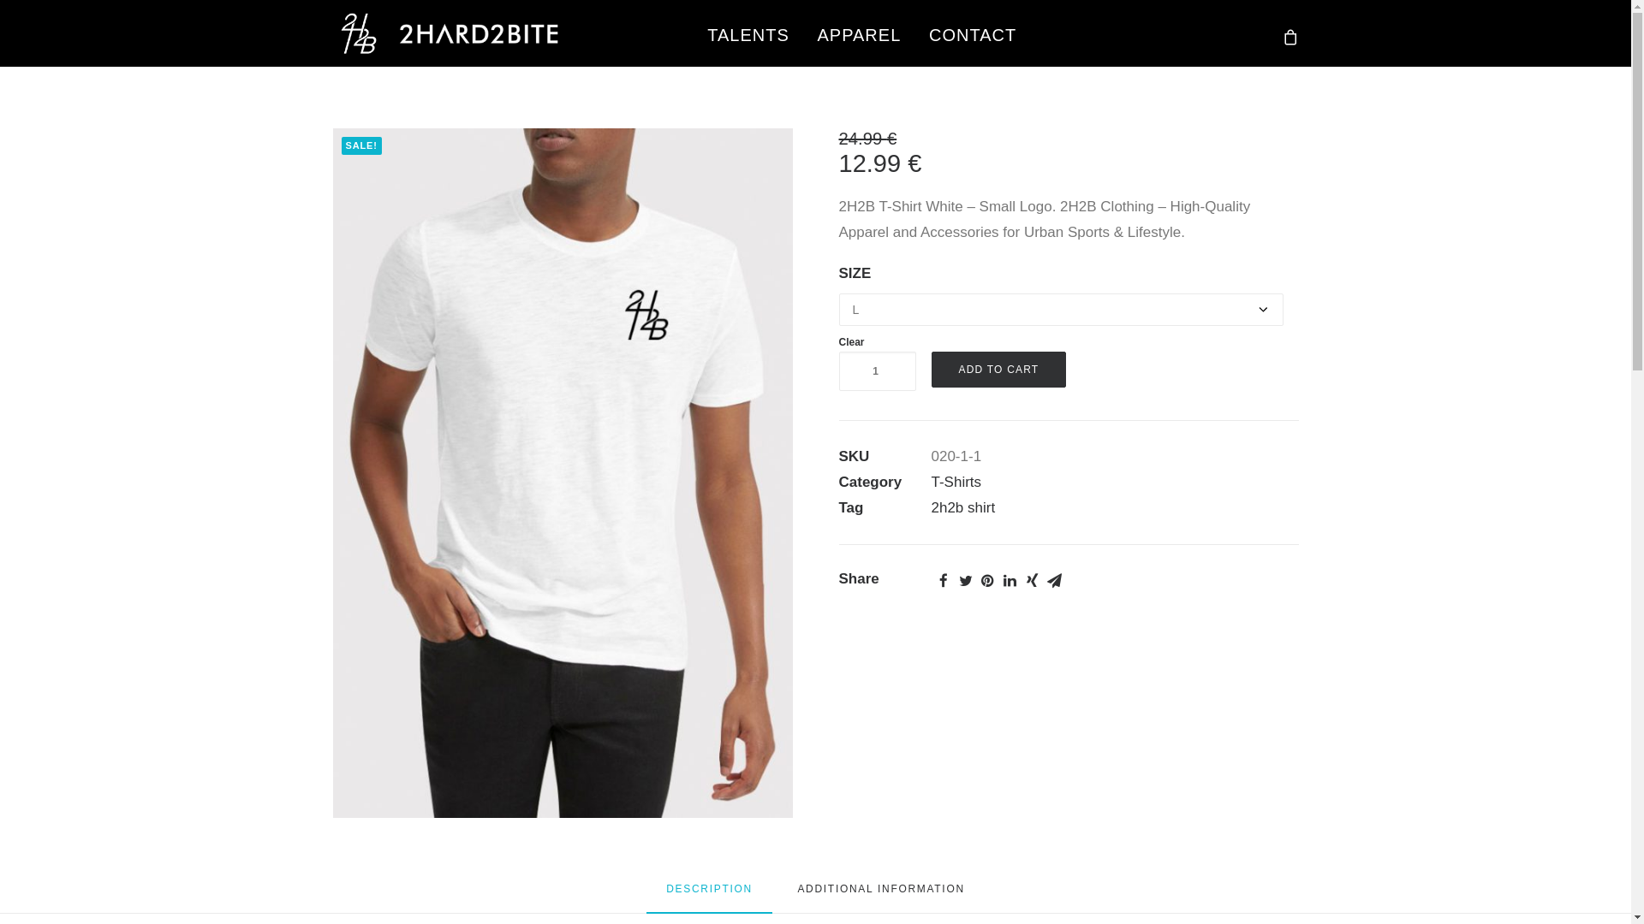  I want to click on 'cart', so click(1281, 33).